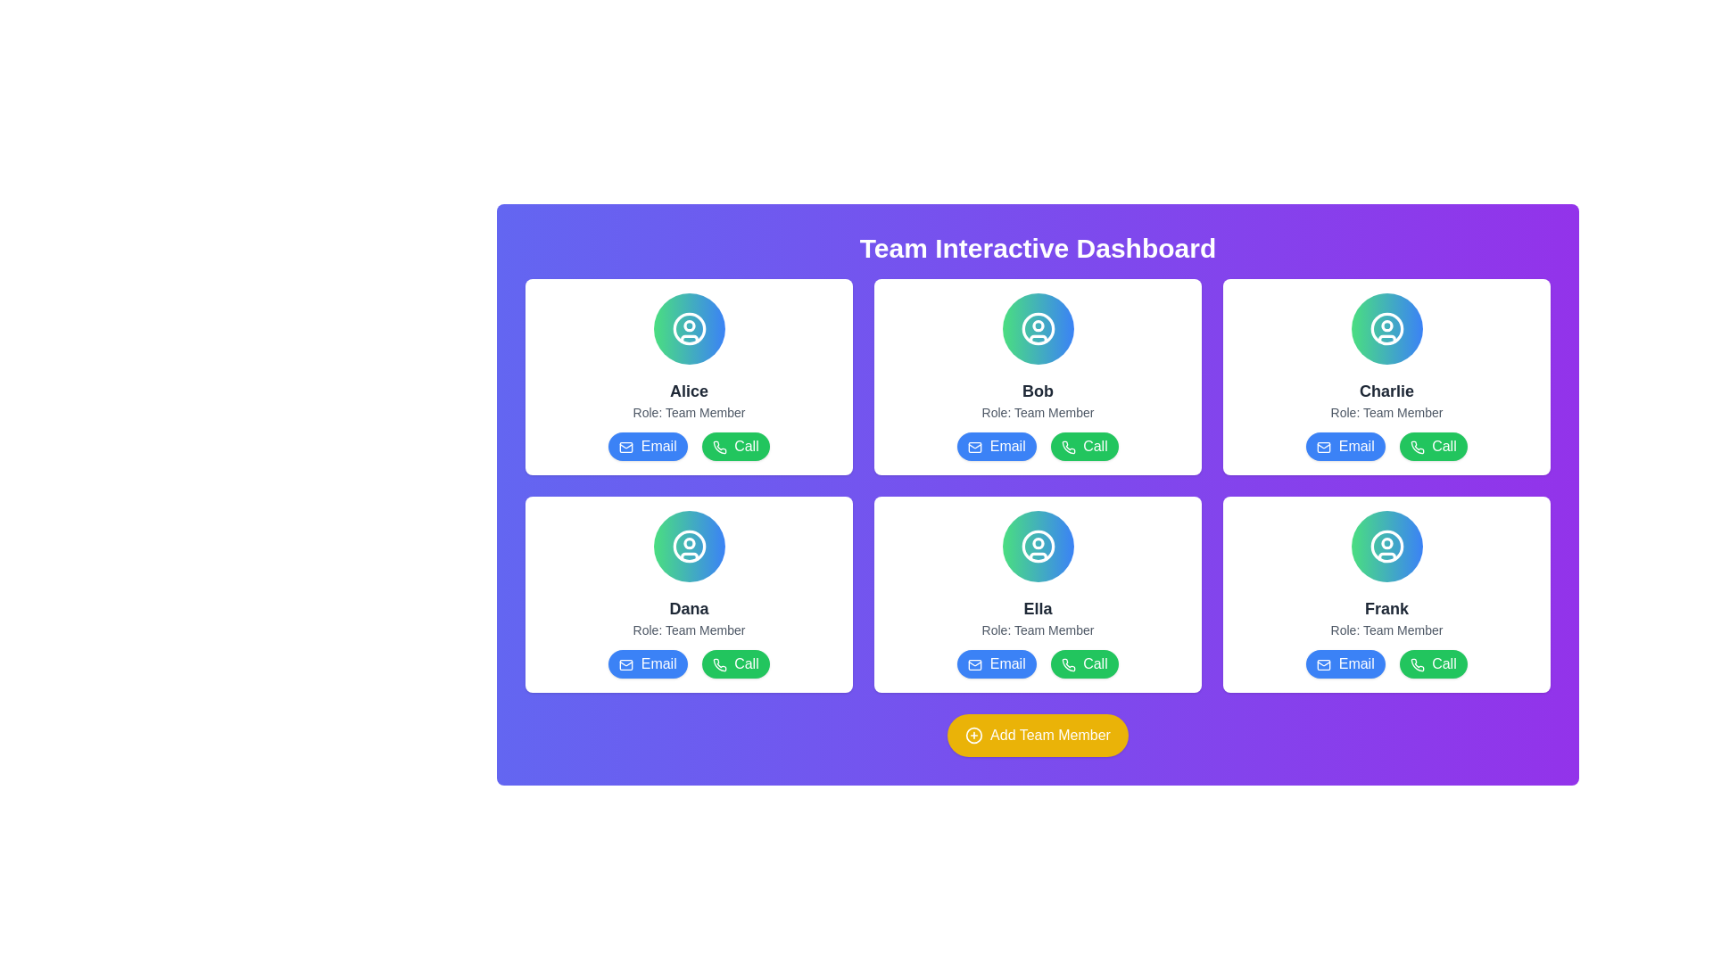  I want to click on the email icon within the blue 'Email' button on Frank's contact card located at the bottom right, so click(1324, 664).